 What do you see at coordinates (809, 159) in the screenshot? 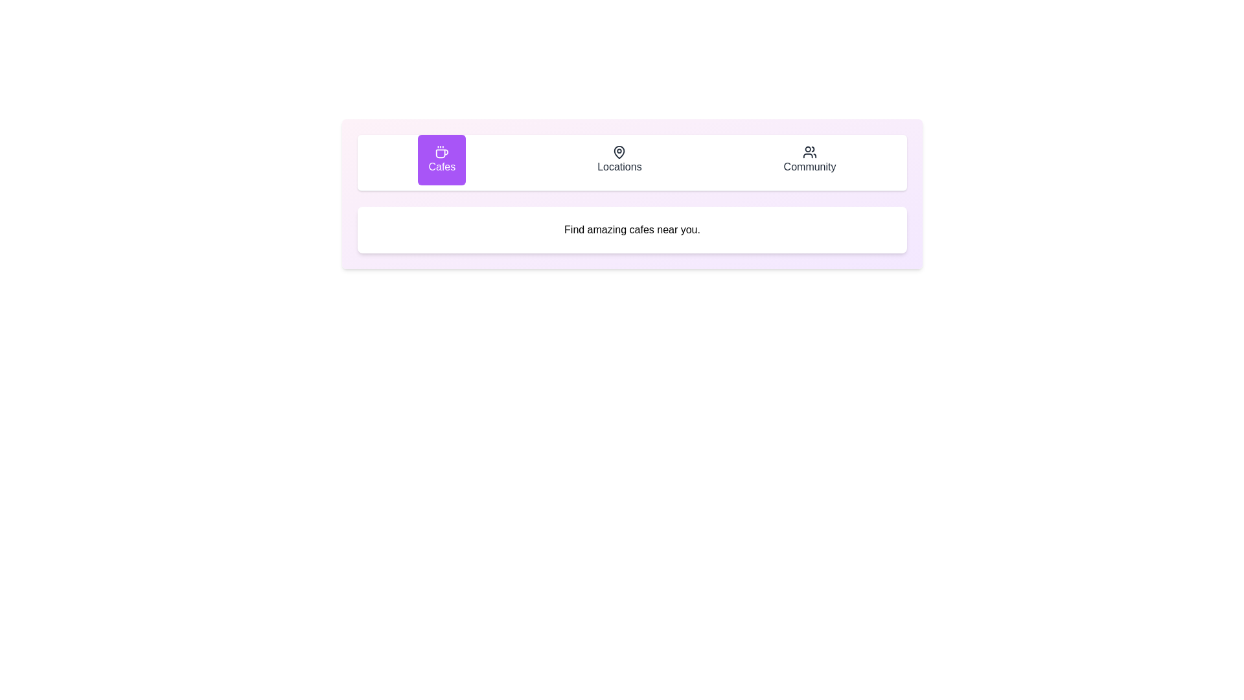
I see `the community navigation button located in the third position of the horizontal menu to trigger a visual response` at bounding box center [809, 159].